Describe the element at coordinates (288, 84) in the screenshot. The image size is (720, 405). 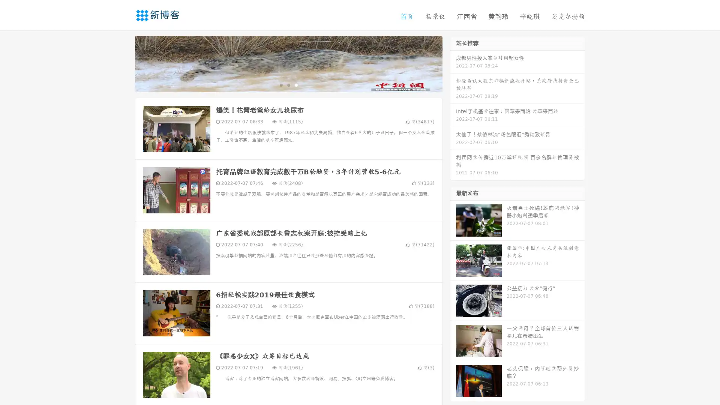
I see `Go to slide 2` at that location.